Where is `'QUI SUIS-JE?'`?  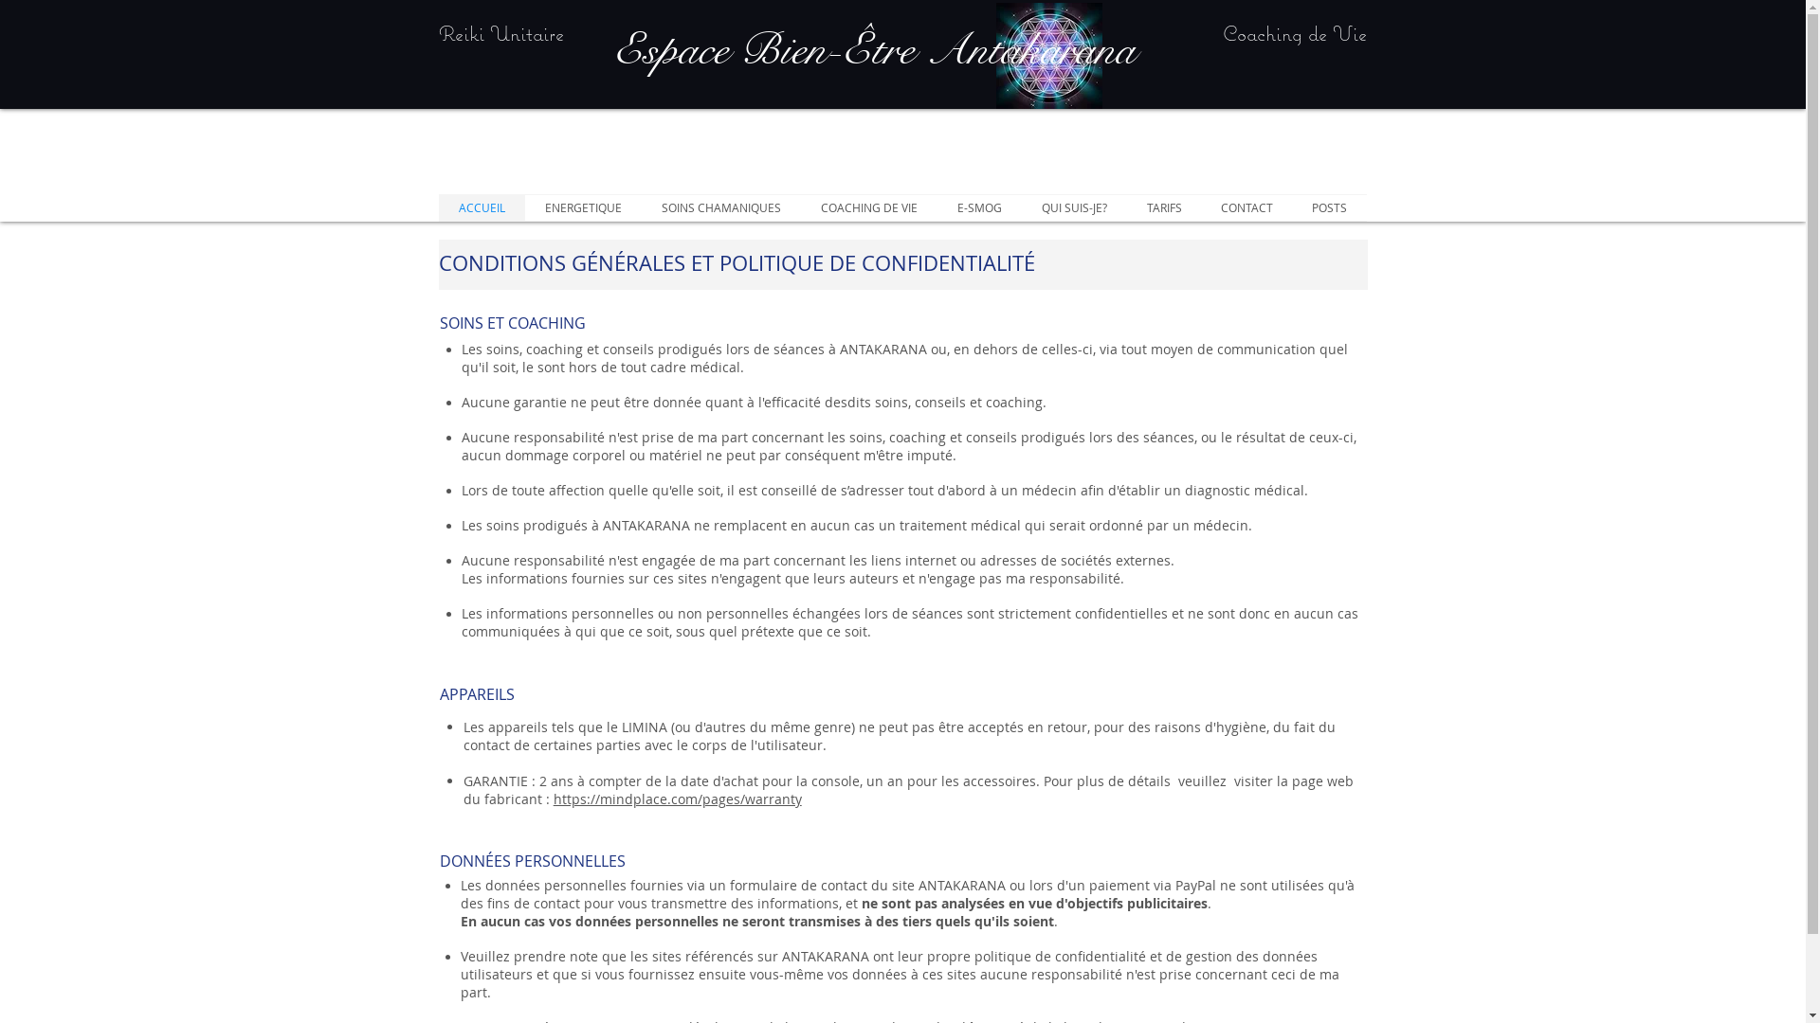
'QUI SUIS-JE?' is located at coordinates (1074, 207).